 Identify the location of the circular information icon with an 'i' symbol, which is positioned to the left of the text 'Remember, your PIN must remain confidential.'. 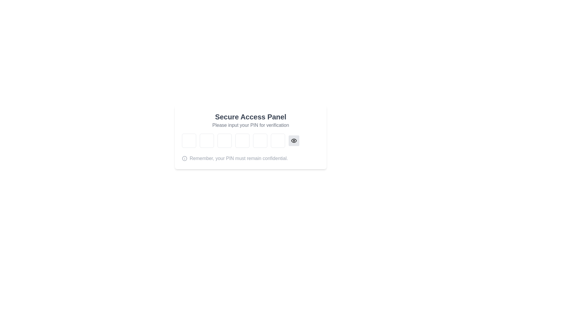
(184, 158).